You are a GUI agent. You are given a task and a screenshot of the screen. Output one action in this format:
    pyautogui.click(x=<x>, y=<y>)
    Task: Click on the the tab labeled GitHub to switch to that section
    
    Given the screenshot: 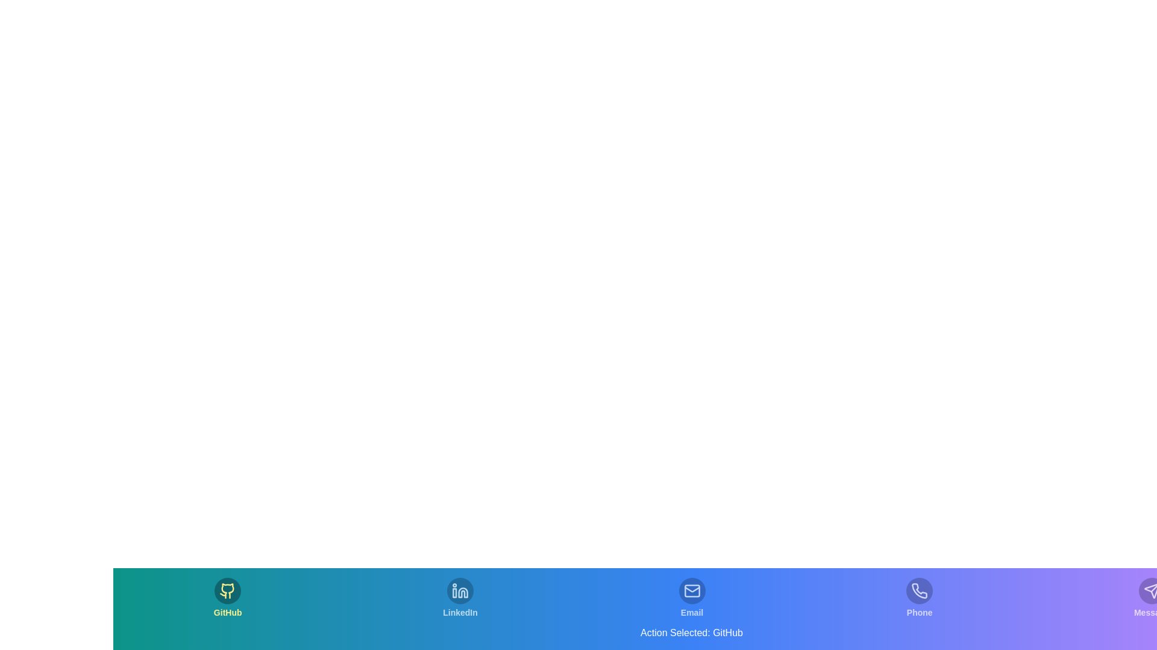 What is the action you would take?
    pyautogui.click(x=228, y=598)
    